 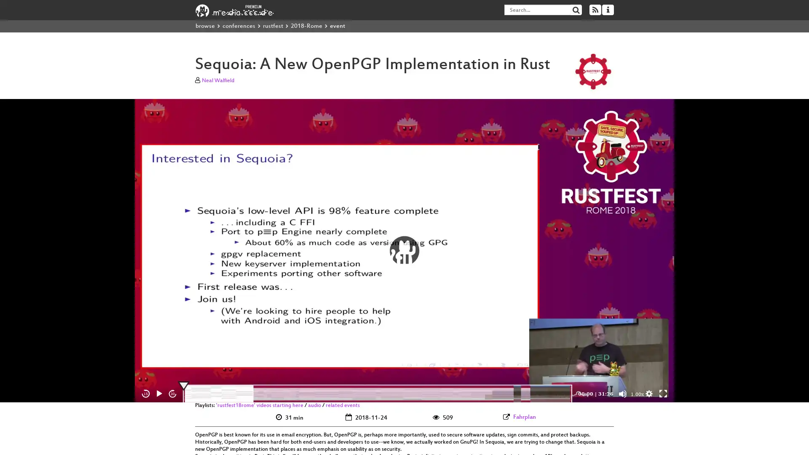 I want to click on Fullscreen, so click(x=663, y=393).